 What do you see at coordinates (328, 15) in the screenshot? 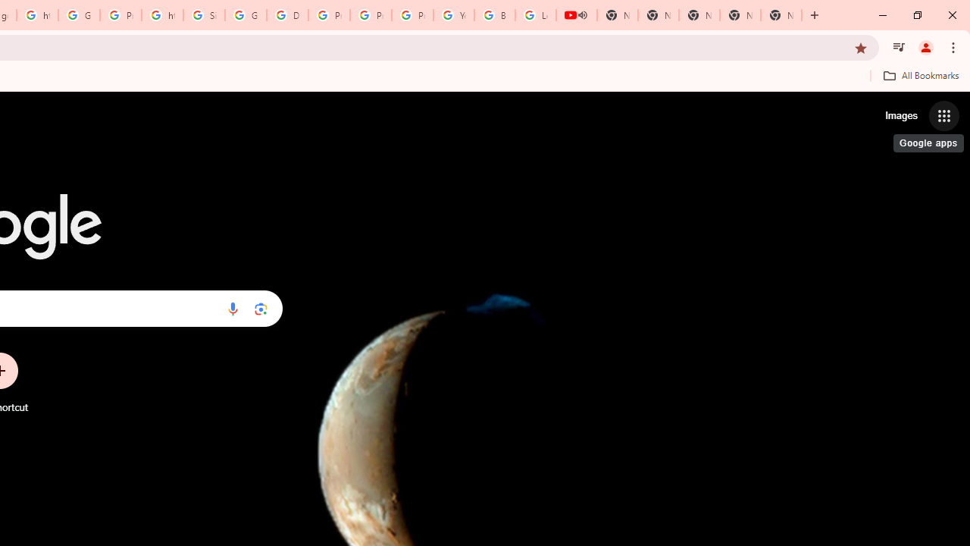
I see `'Privacy Help Center - Policies Help'` at bounding box center [328, 15].